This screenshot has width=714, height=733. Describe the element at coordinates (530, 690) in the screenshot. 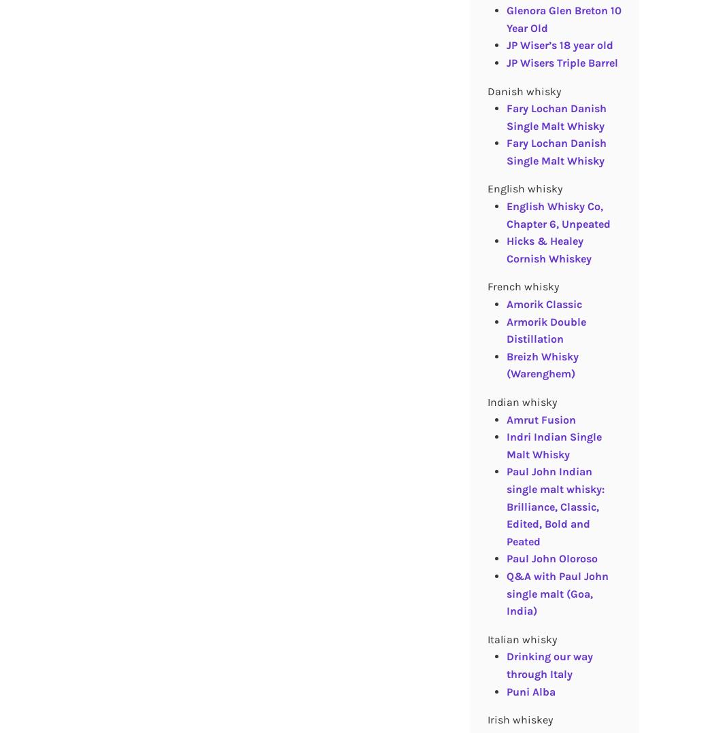

I see `'Puni Alba'` at that location.